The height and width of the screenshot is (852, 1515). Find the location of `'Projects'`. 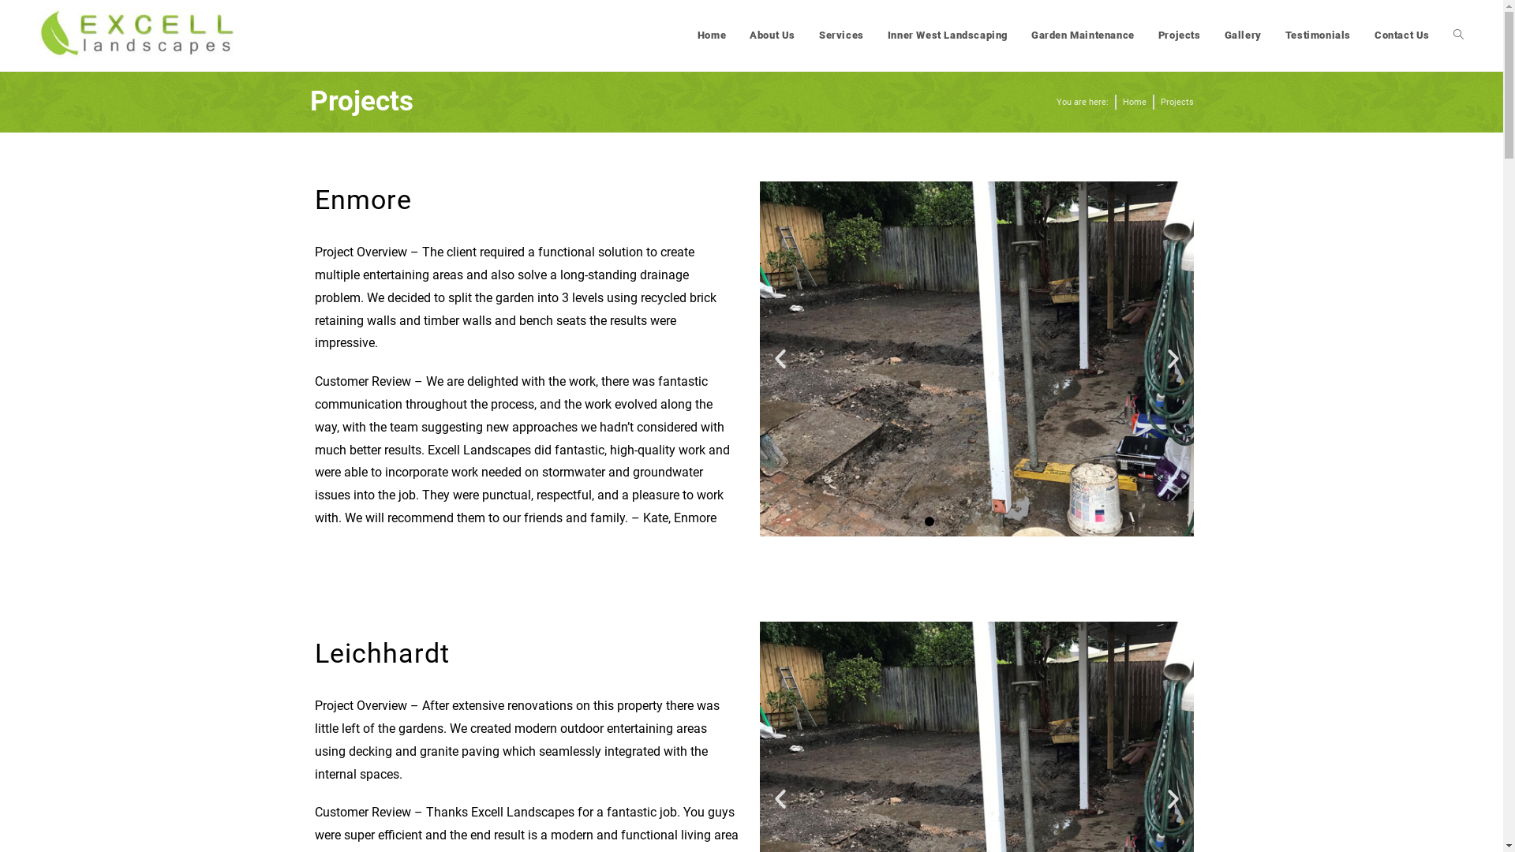

'Projects' is located at coordinates (1179, 35).